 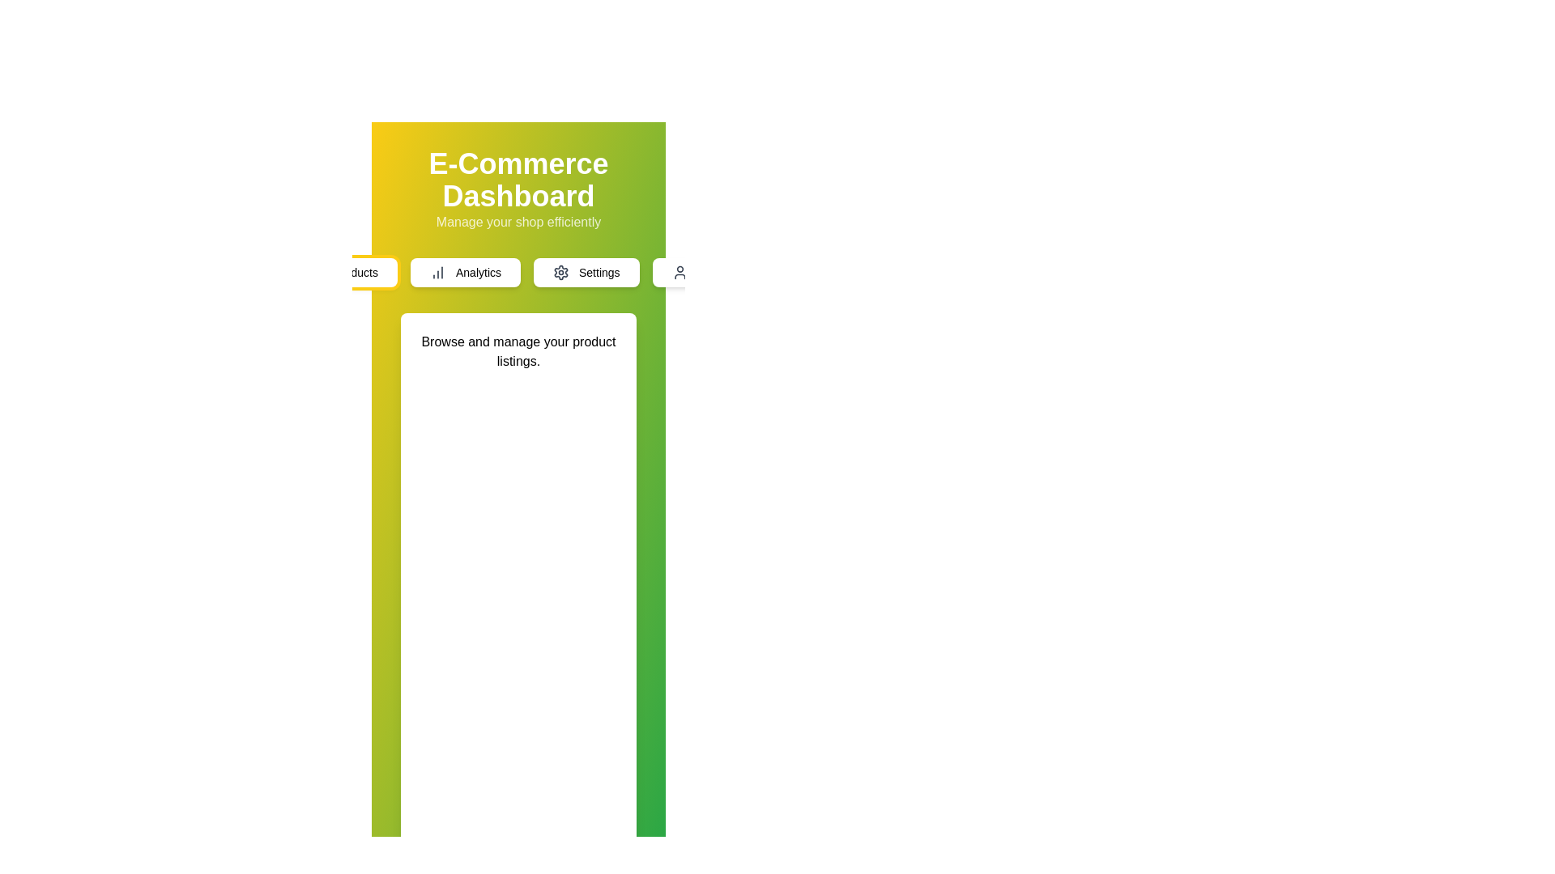 What do you see at coordinates (477, 271) in the screenshot?
I see `the 'Analytics' button in the horizontal navigation bar` at bounding box center [477, 271].